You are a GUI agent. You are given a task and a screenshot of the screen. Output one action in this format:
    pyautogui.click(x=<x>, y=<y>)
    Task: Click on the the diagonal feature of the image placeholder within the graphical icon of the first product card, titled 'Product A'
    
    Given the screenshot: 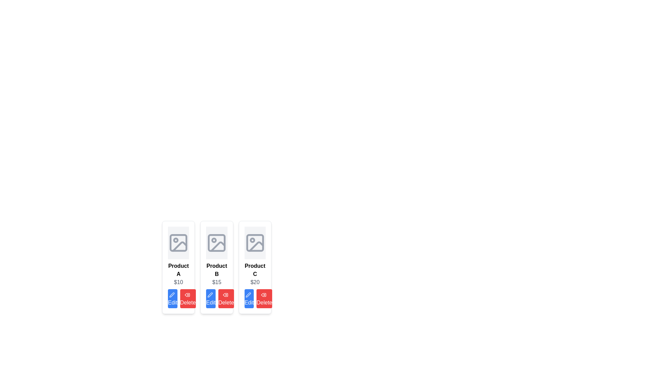 What is the action you would take?
    pyautogui.click(x=180, y=246)
    